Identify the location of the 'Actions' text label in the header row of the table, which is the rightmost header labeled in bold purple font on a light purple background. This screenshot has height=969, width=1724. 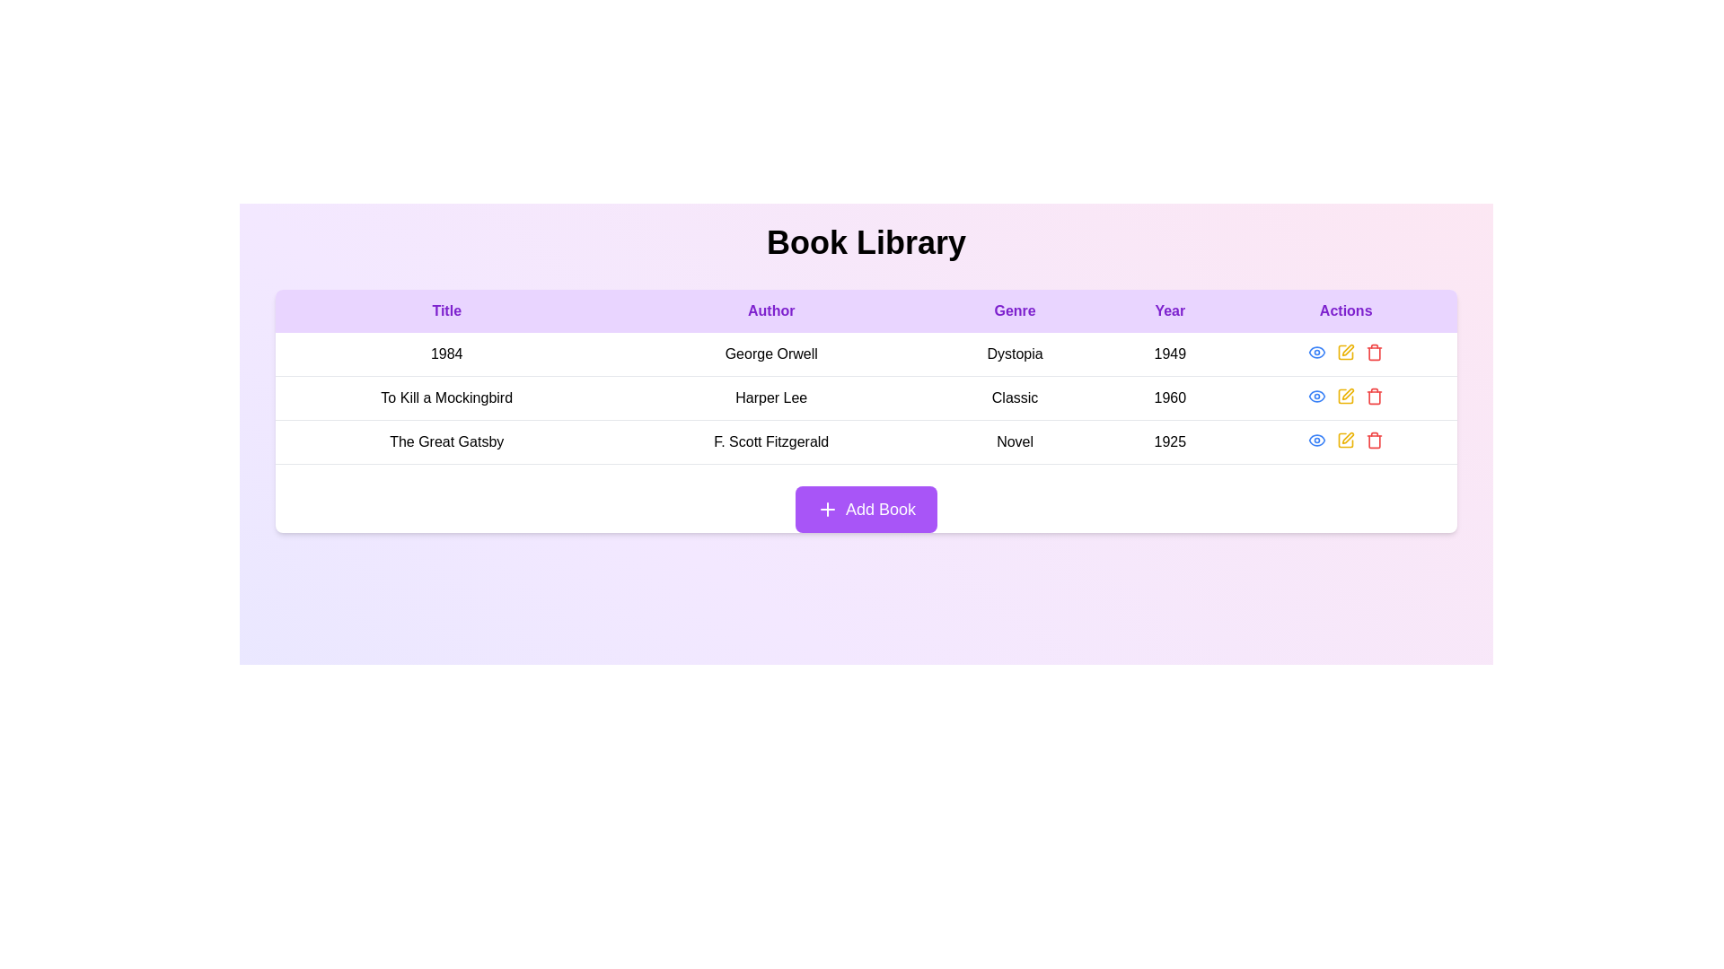
(1346, 310).